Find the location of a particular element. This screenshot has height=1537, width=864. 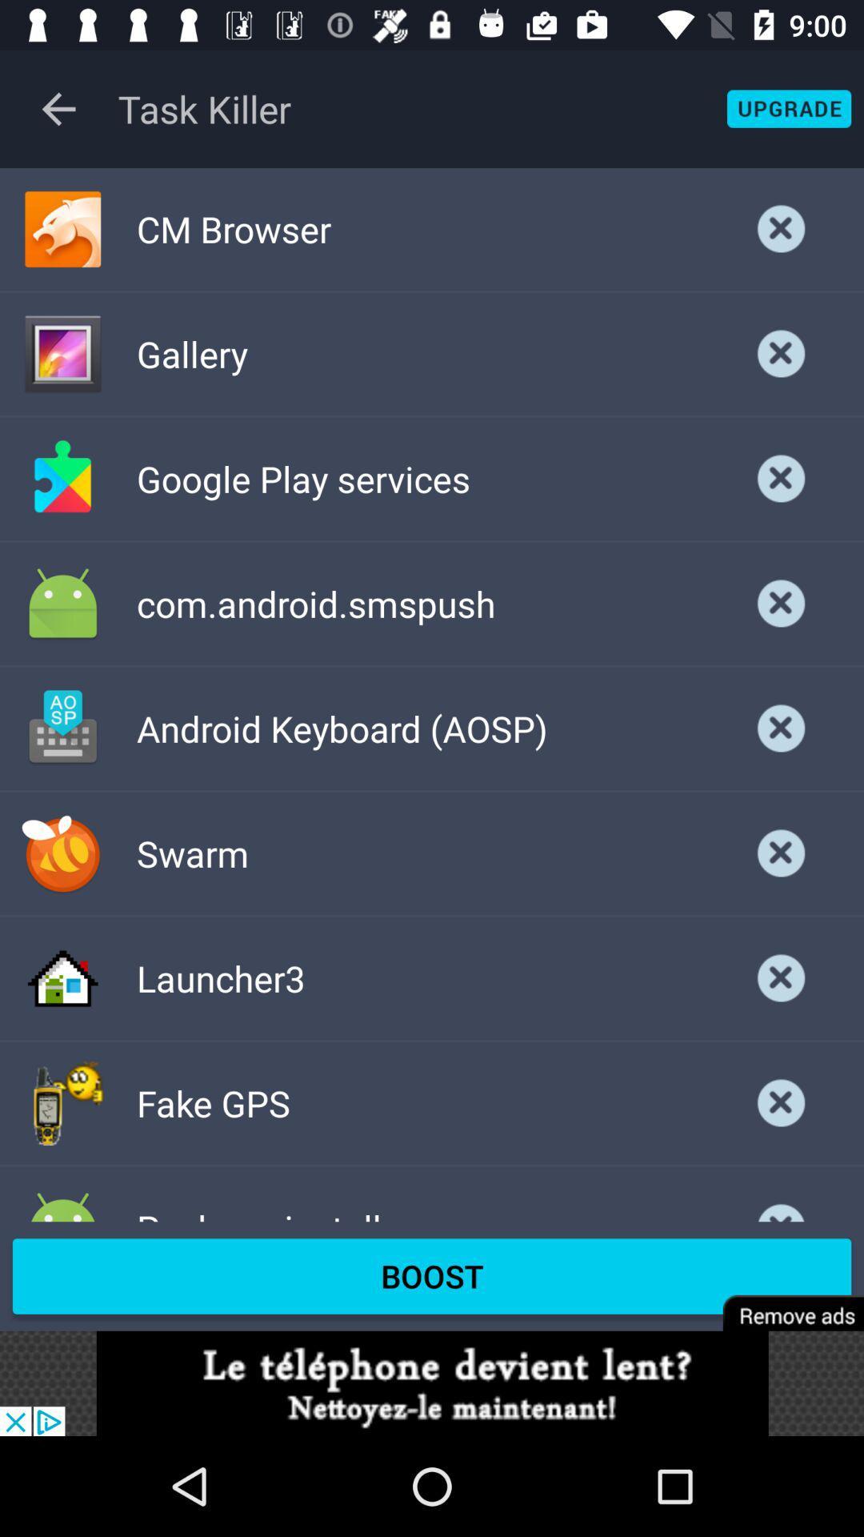

delete button is located at coordinates (781, 228).